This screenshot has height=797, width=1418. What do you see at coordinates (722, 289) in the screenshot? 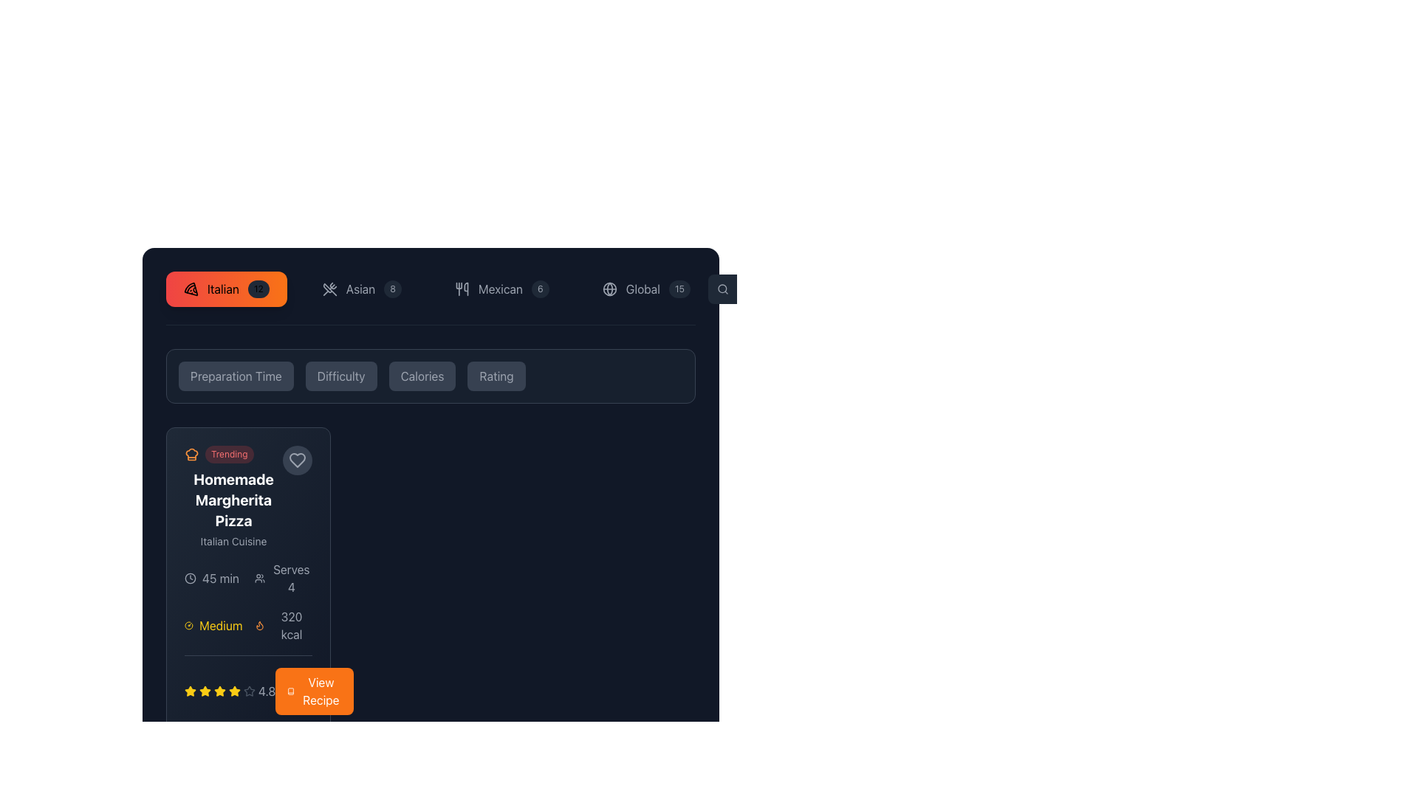
I see `the decorative search icon element located in the top-right corner of the layout` at bounding box center [722, 289].